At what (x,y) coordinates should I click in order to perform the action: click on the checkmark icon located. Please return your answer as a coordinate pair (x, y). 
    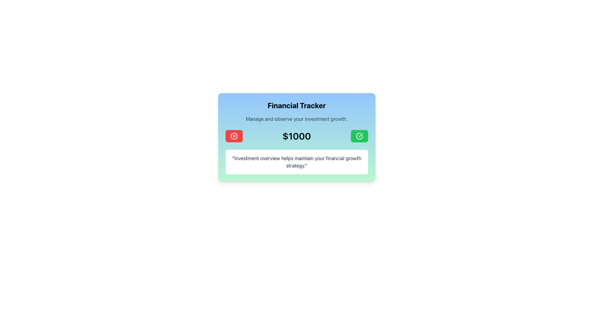
    Looking at the image, I should click on (360, 135).